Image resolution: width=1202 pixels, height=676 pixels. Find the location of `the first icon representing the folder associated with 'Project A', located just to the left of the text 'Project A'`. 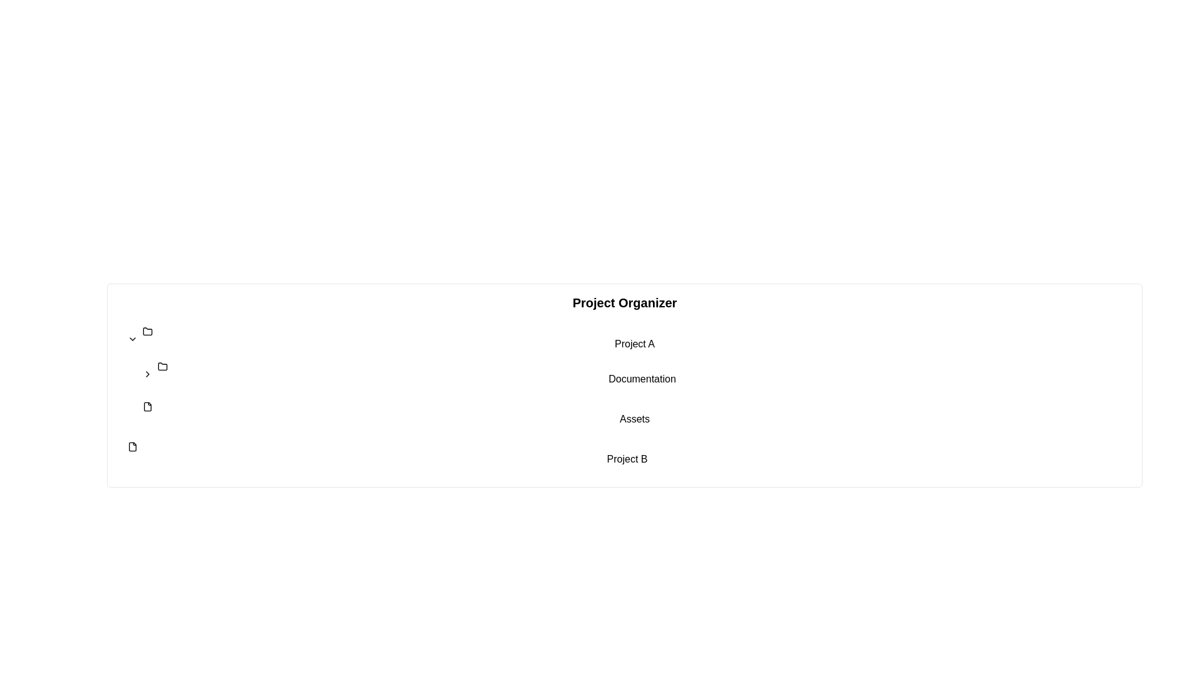

the first icon representing the folder associated with 'Project A', located just to the left of the text 'Project A' is located at coordinates (147, 330).